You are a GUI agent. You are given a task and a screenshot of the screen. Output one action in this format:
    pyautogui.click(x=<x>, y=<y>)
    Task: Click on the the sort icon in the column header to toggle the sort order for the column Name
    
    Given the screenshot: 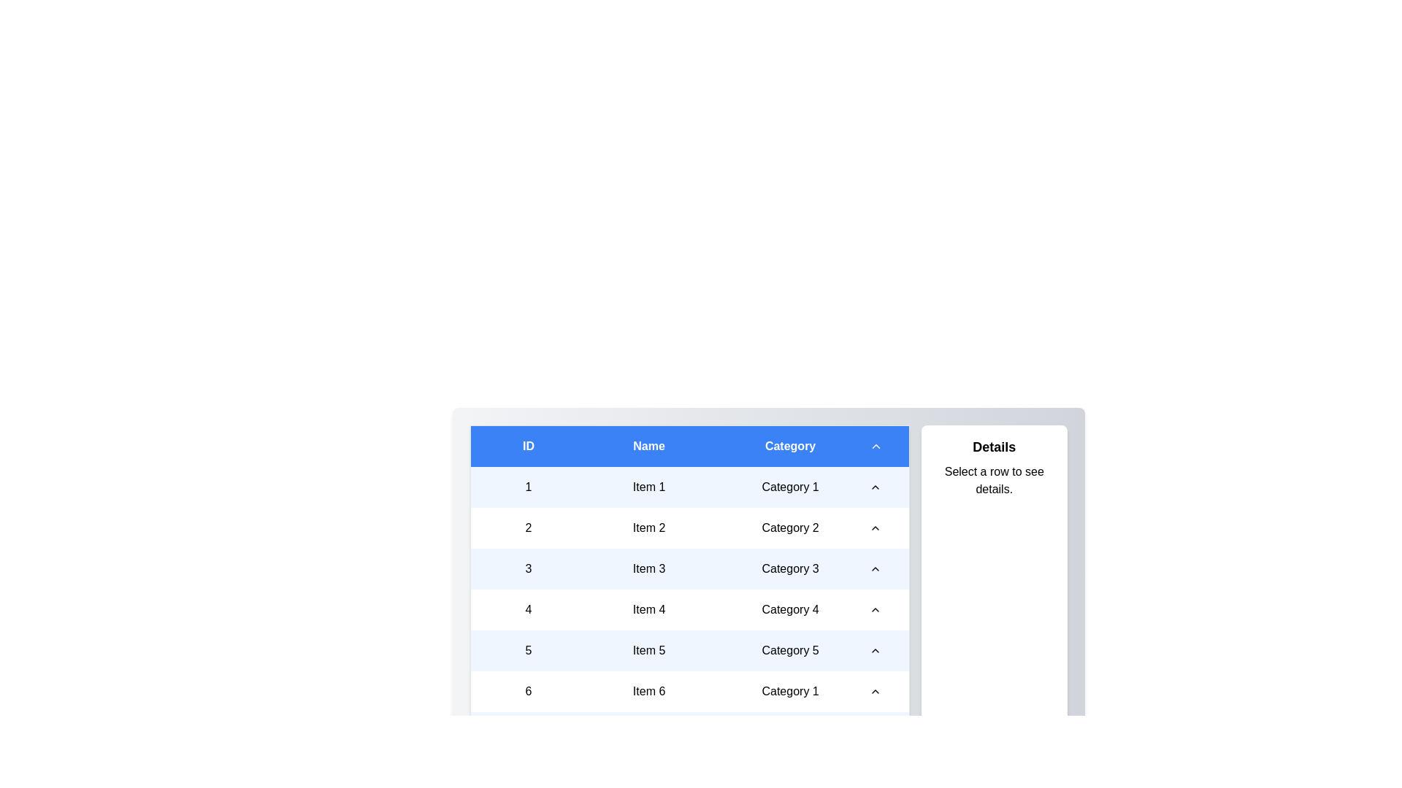 What is the action you would take?
    pyautogui.click(x=648, y=445)
    